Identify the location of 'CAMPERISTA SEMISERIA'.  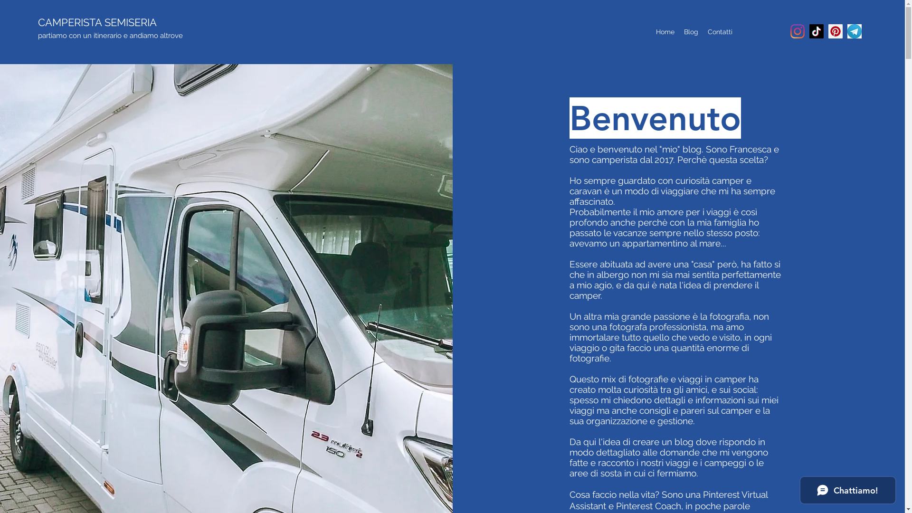
(97, 21).